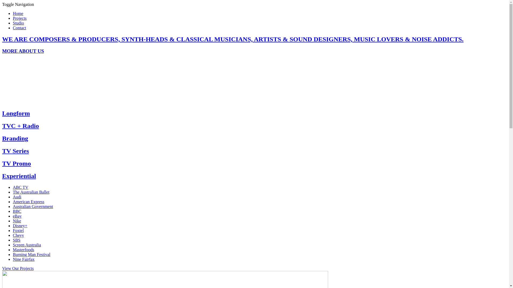  What do you see at coordinates (18, 13) in the screenshot?
I see `'Home'` at bounding box center [18, 13].